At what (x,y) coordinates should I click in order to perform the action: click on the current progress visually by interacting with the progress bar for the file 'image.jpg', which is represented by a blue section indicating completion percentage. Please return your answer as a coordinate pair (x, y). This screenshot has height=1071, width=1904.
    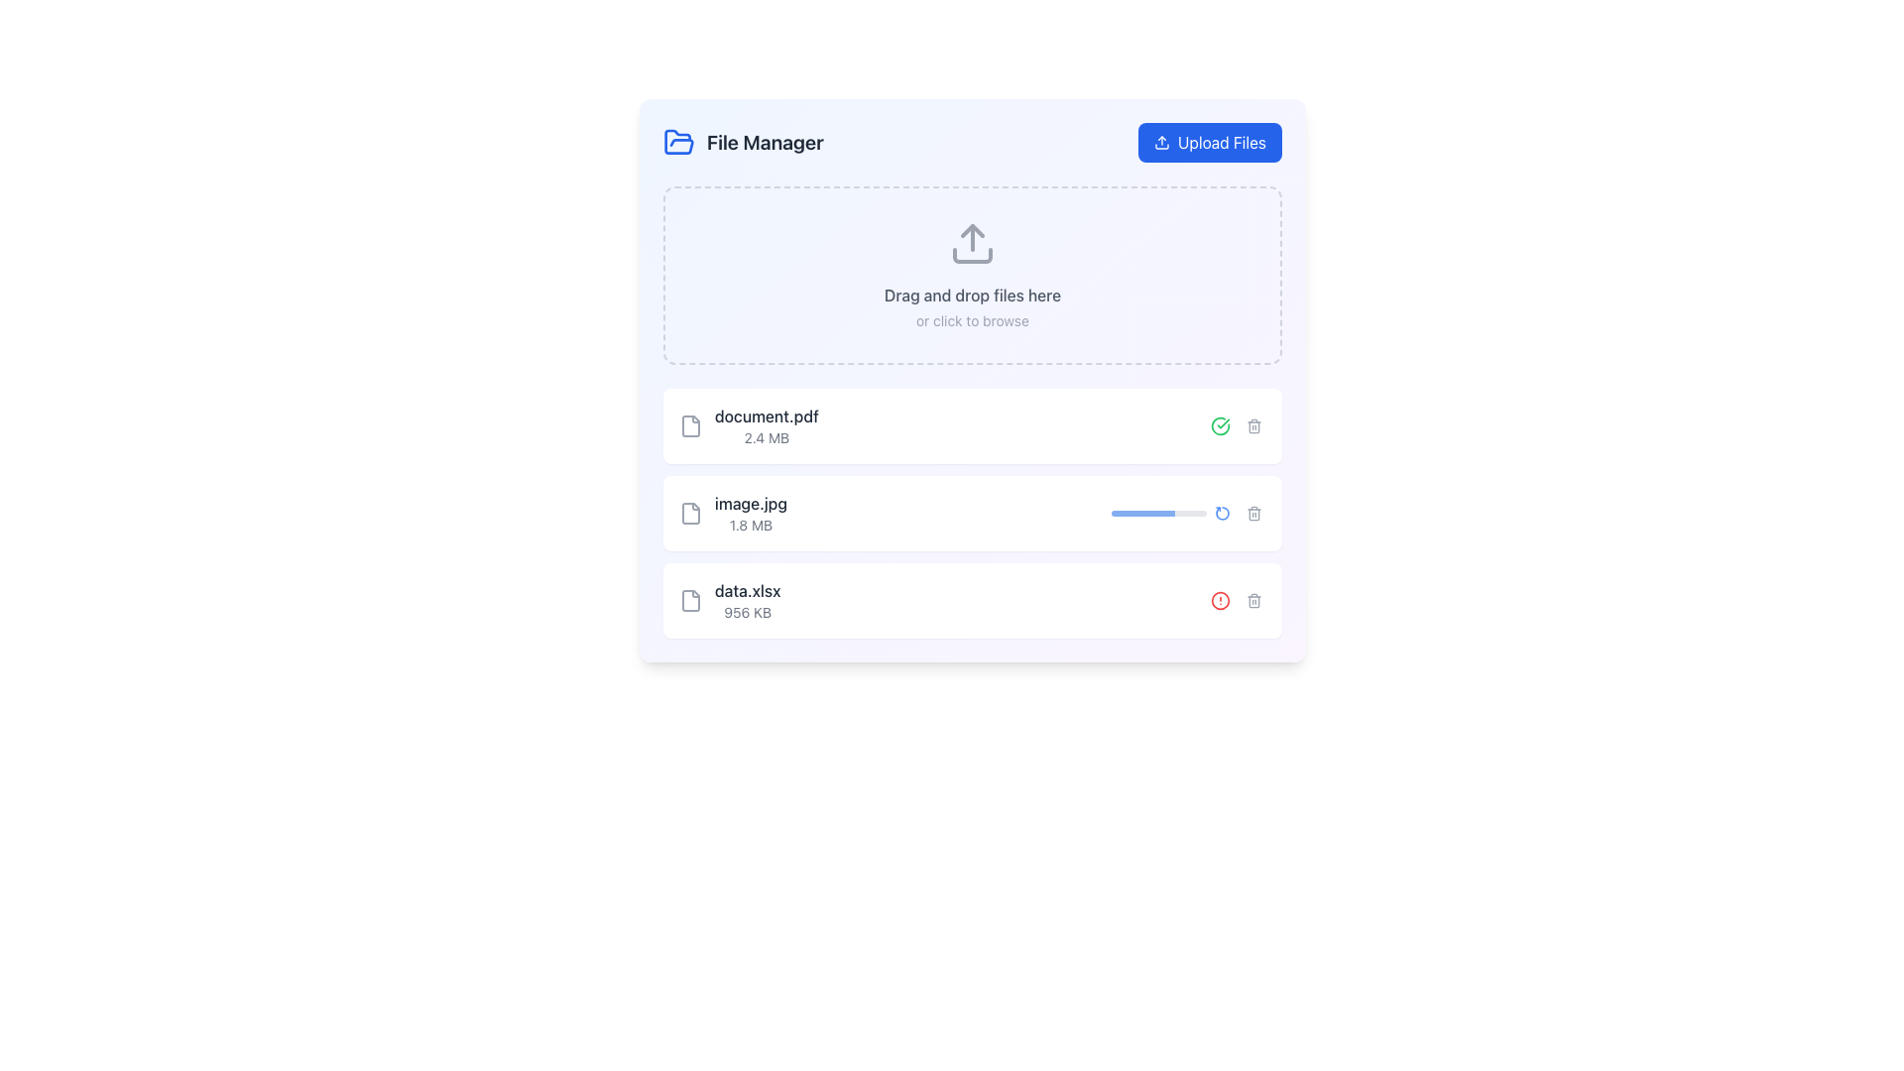
    Looking at the image, I should click on (1159, 512).